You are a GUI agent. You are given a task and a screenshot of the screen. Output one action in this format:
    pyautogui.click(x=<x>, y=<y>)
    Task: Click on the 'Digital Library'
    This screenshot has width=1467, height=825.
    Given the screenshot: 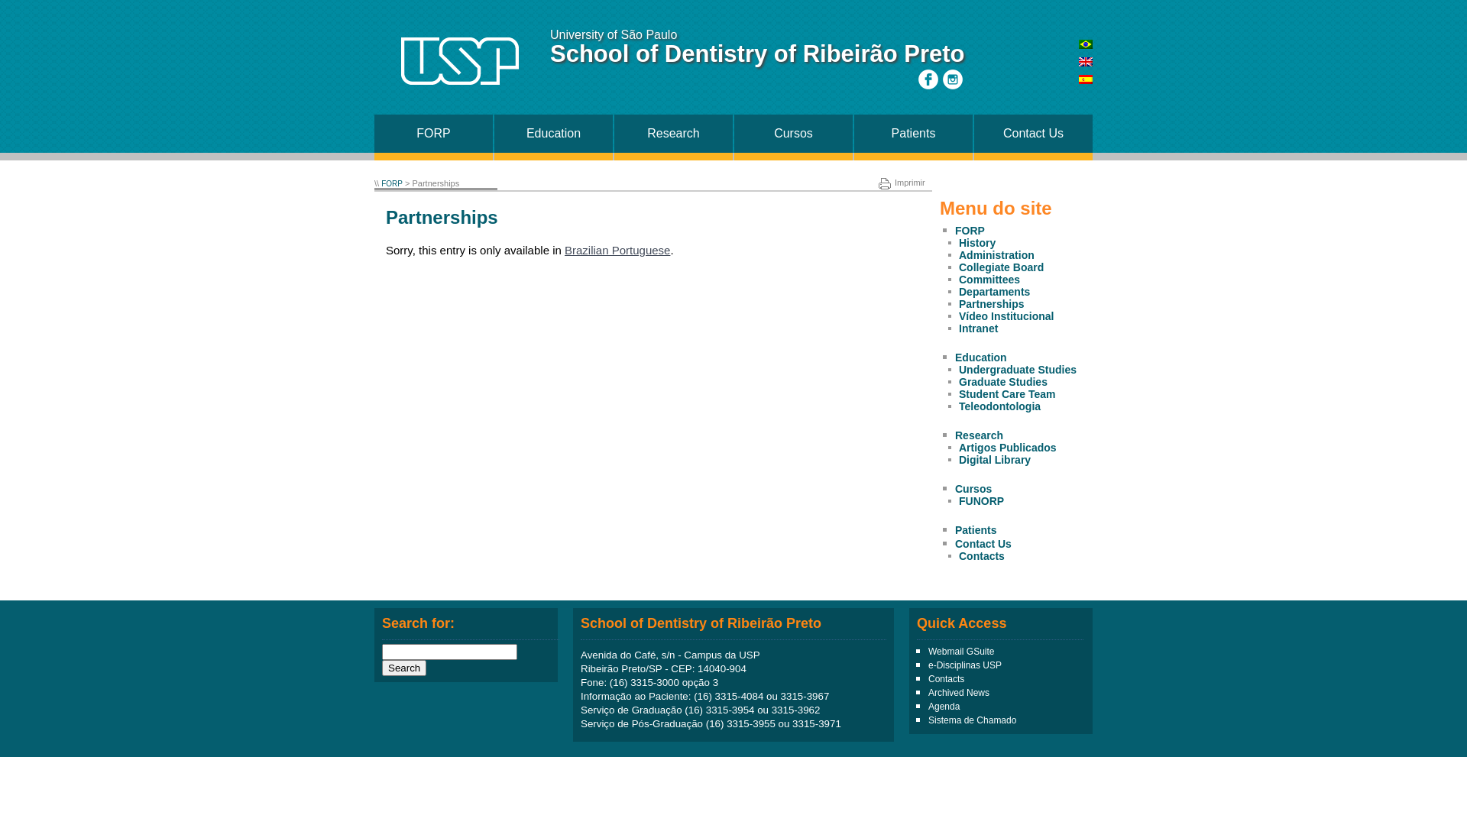 What is the action you would take?
    pyautogui.click(x=957, y=458)
    